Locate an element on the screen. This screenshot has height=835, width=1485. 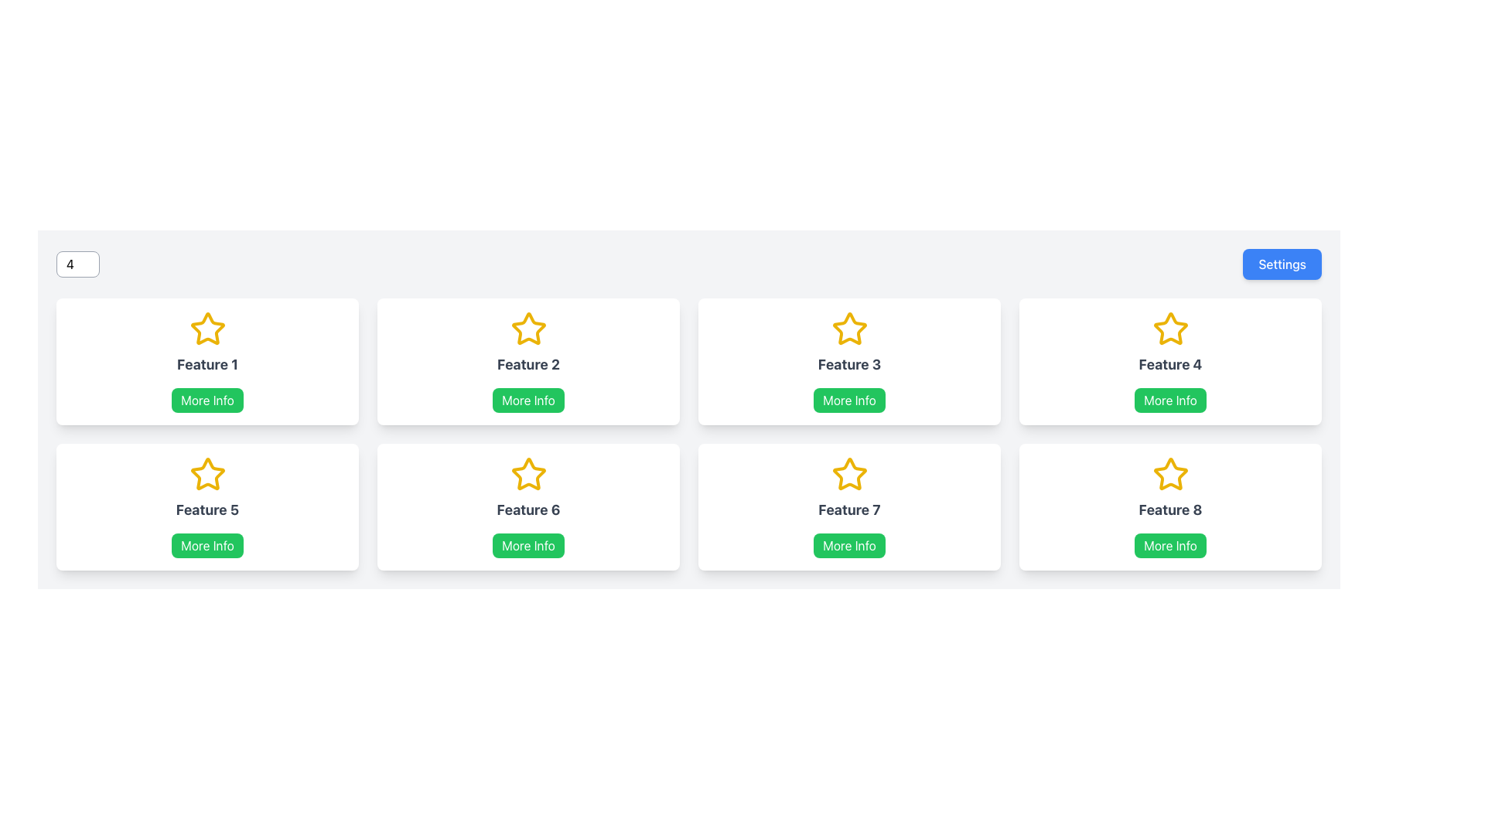
the button located at the bottom of the 'Feature 8' card is located at coordinates (1170, 544).